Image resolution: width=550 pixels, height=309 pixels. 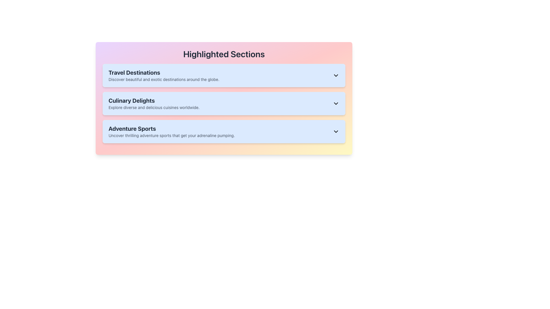 What do you see at coordinates (154, 100) in the screenshot?
I see `the text label displaying 'Culinary Delights' in bold style, located beneath the header 'Highlighted Sections' in the second section of the list layout` at bounding box center [154, 100].